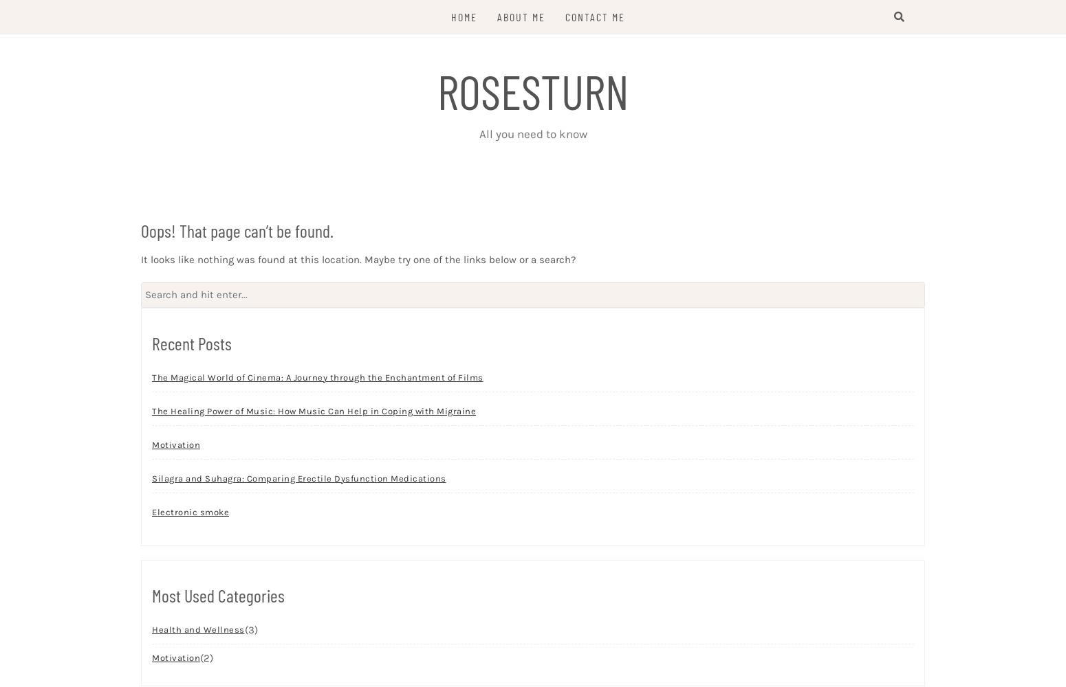 The width and height of the screenshot is (1066, 687). Describe the element at coordinates (532, 91) in the screenshot. I see `'RosesTurn'` at that location.